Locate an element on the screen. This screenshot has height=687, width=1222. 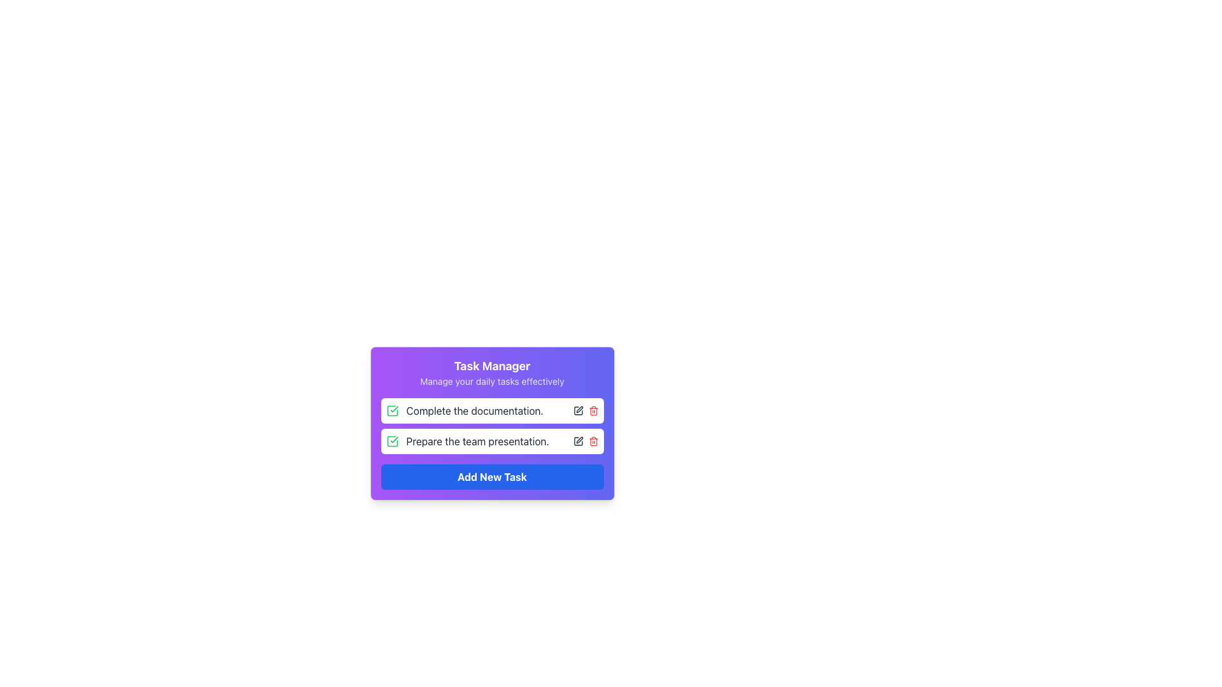
the red trash bin icon is located at coordinates (593, 441).